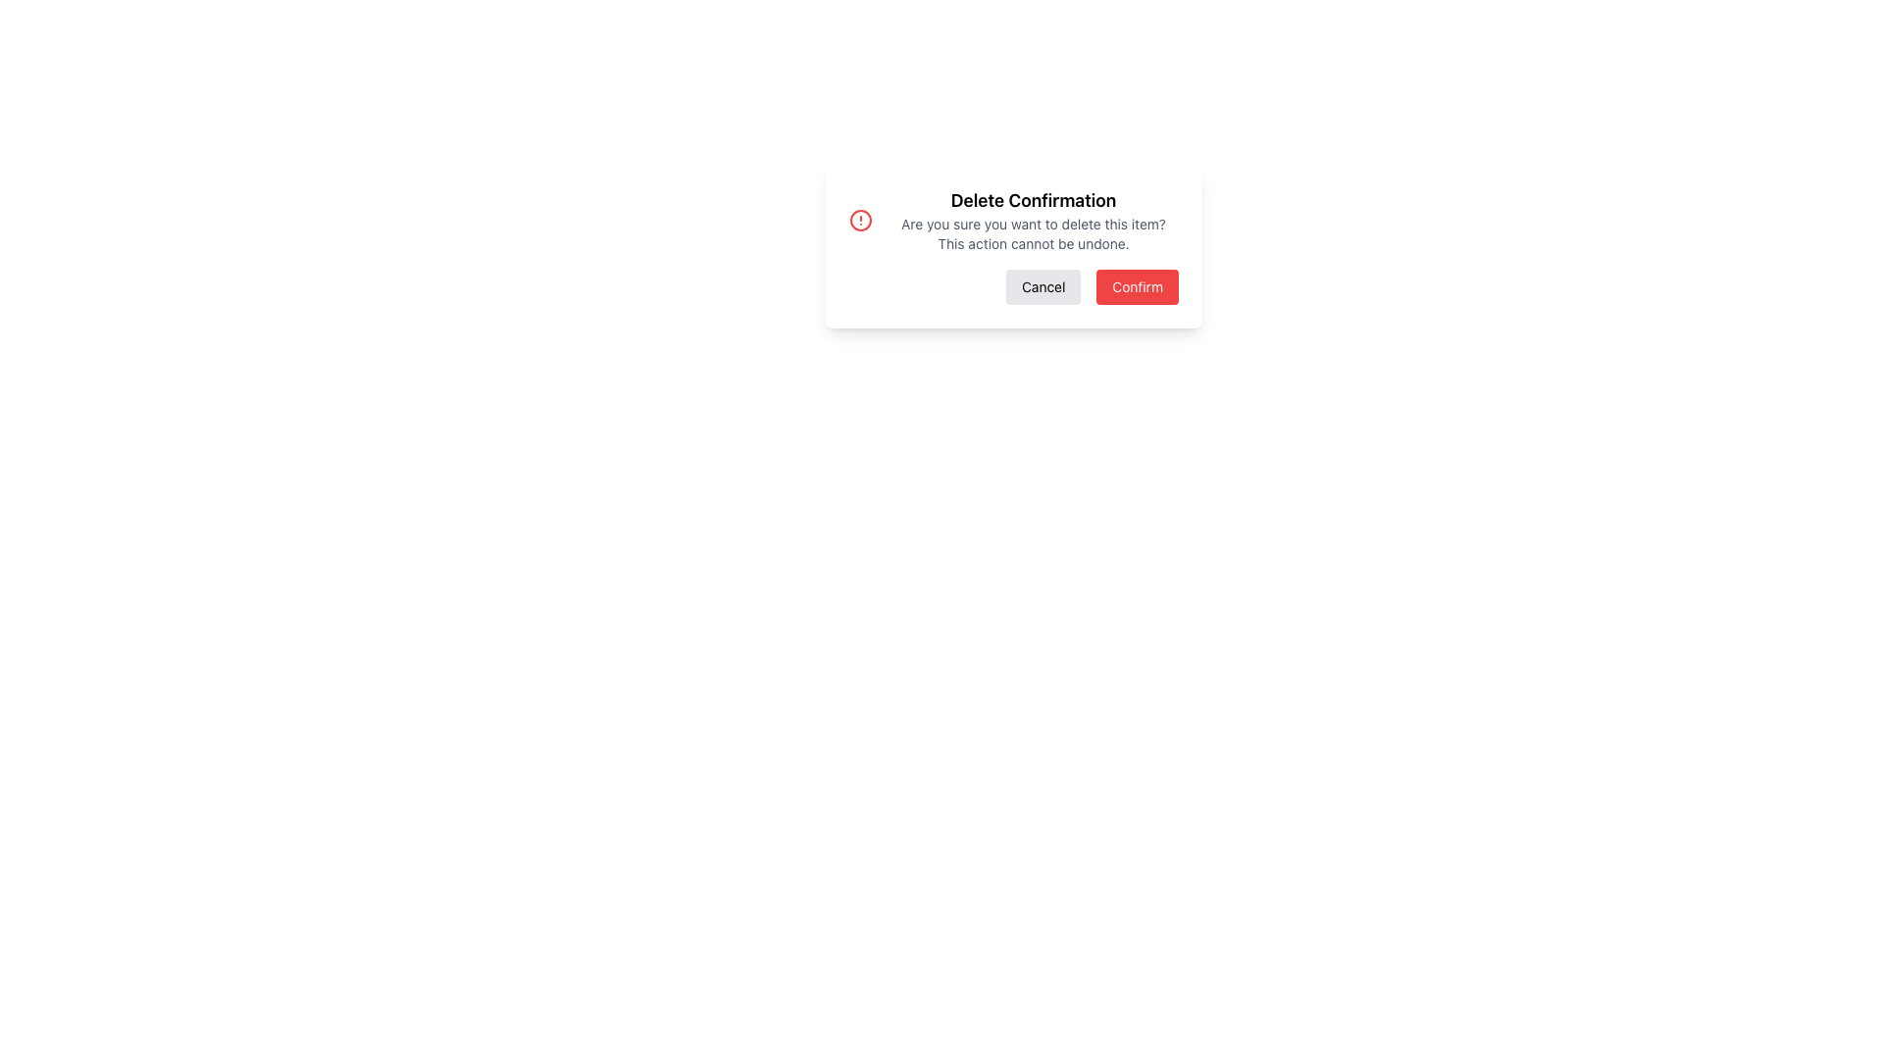 The width and height of the screenshot is (1883, 1059). Describe the element at coordinates (1043, 287) in the screenshot. I see `the 'Cancel' button, which is a rectangular button with a light gray background and rounded borders` at that location.